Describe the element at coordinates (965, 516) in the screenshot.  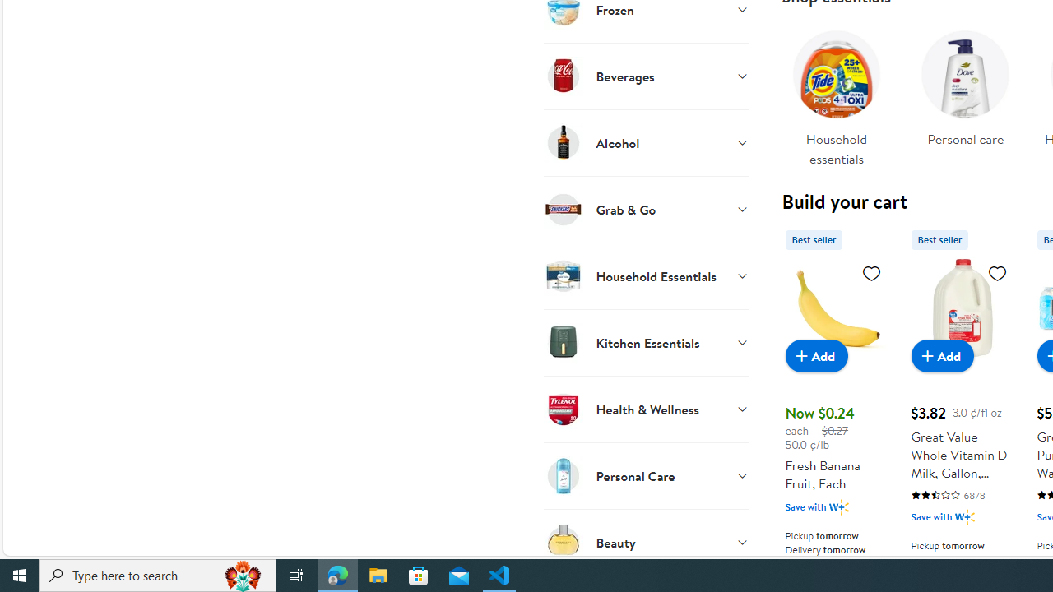
I see `'Walmart Plus'` at that location.